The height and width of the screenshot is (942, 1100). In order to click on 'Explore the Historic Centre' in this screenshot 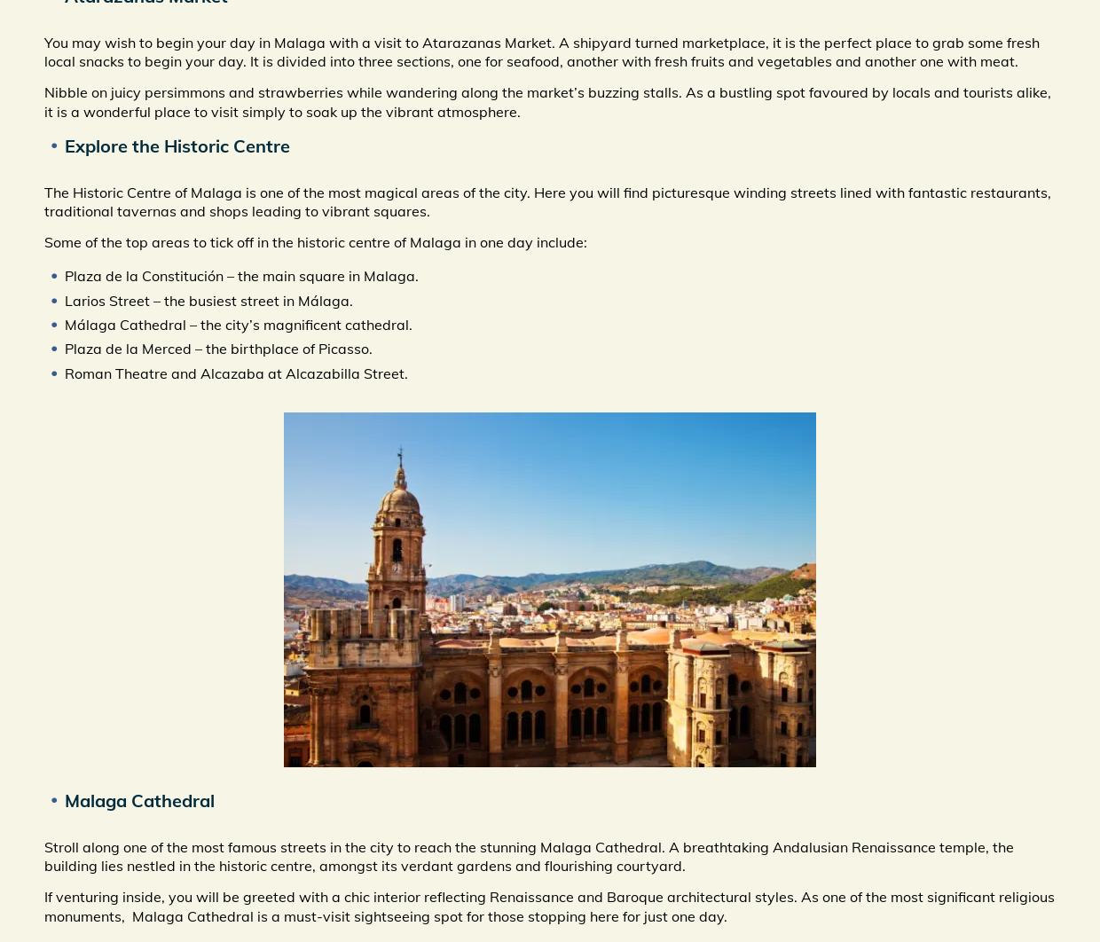, I will do `click(177, 145)`.